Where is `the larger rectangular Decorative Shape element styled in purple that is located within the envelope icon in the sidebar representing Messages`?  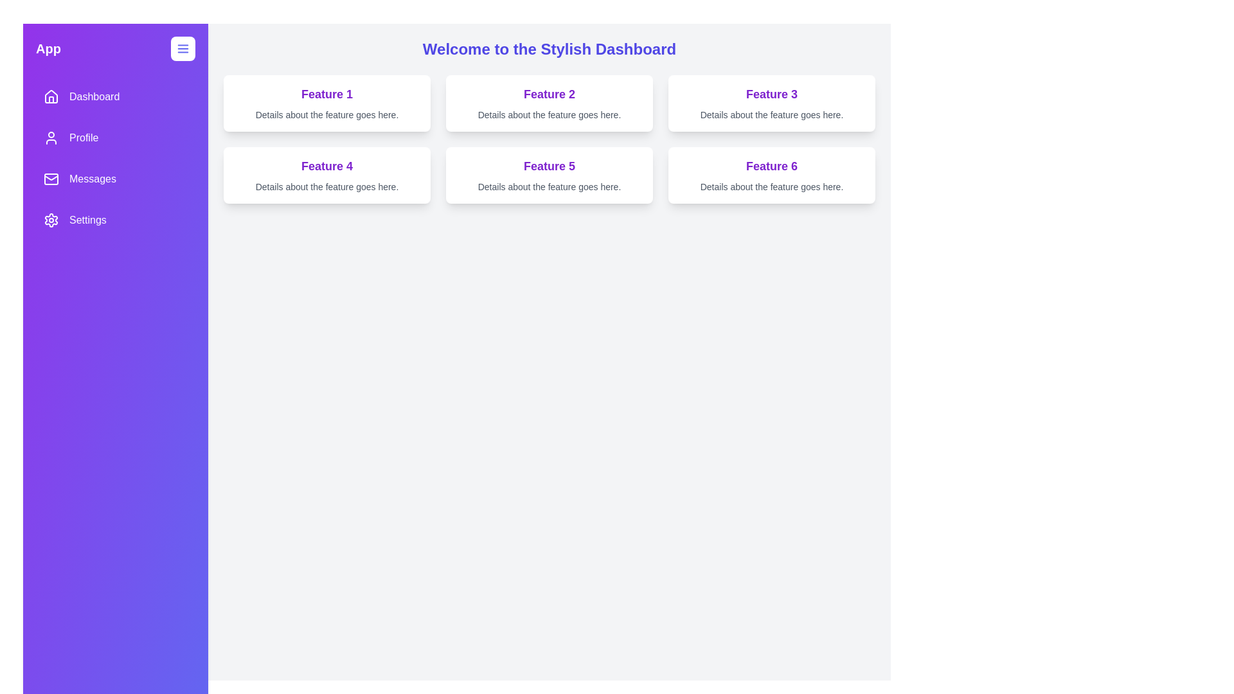 the larger rectangular Decorative Shape element styled in purple that is located within the envelope icon in the sidebar representing Messages is located at coordinates (51, 179).